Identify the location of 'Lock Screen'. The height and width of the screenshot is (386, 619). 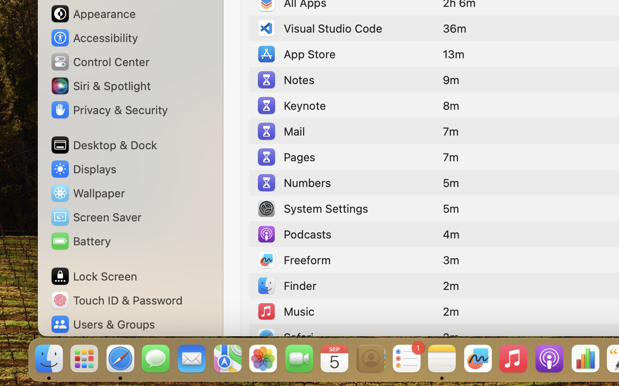
(94, 276).